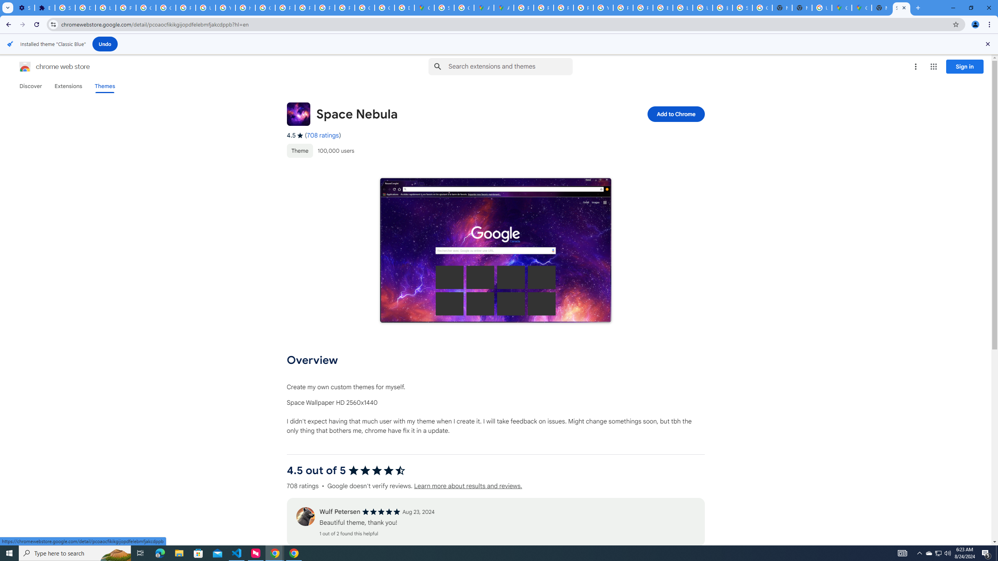  What do you see at coordinates (881, 7) in the screenshot?
I see `'New Tab'` at bounding box center [881, 7].